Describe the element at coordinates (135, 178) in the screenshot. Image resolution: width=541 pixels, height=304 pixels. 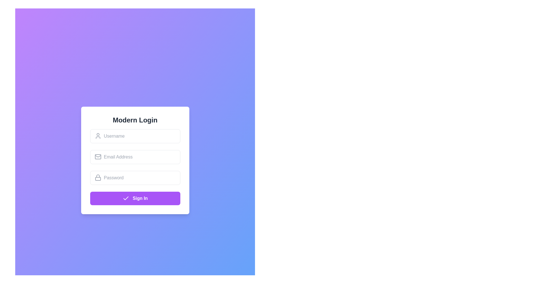
I see `inside the Password input field` at that location.